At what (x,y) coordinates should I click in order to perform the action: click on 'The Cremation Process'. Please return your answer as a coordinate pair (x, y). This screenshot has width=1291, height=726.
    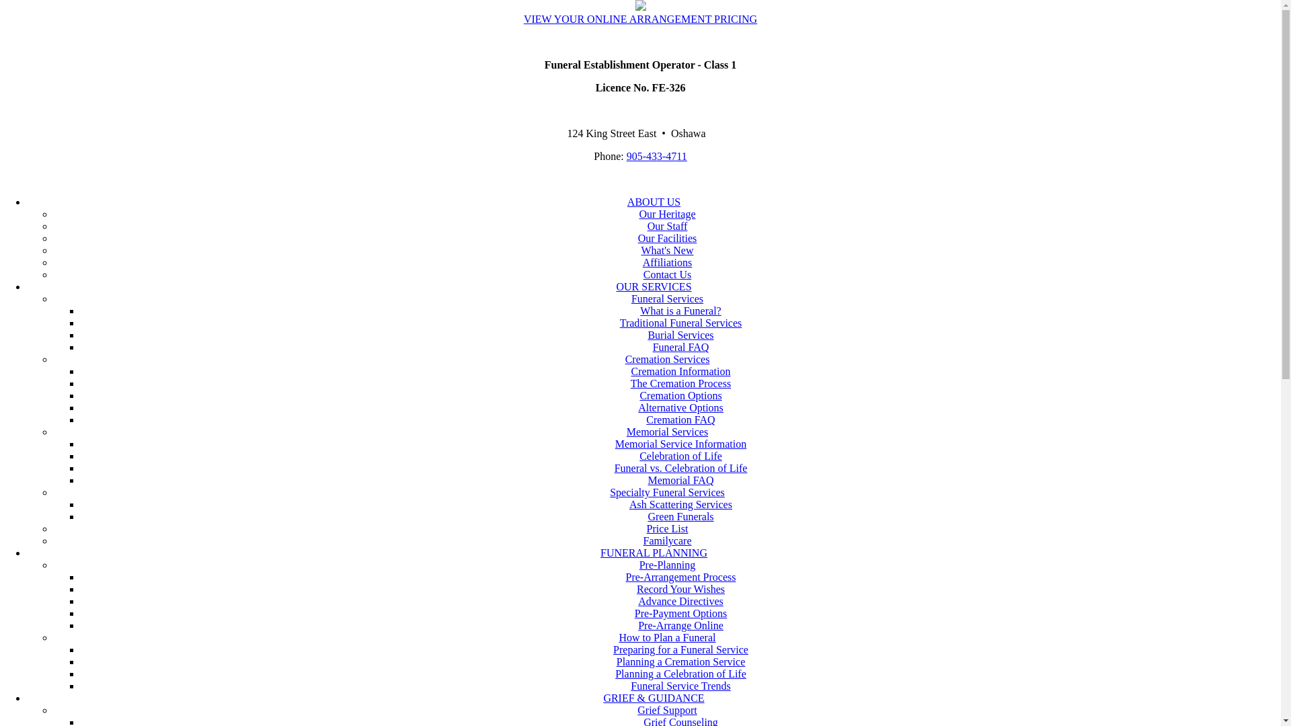
    Looking at the image, I should click on (680, 383).